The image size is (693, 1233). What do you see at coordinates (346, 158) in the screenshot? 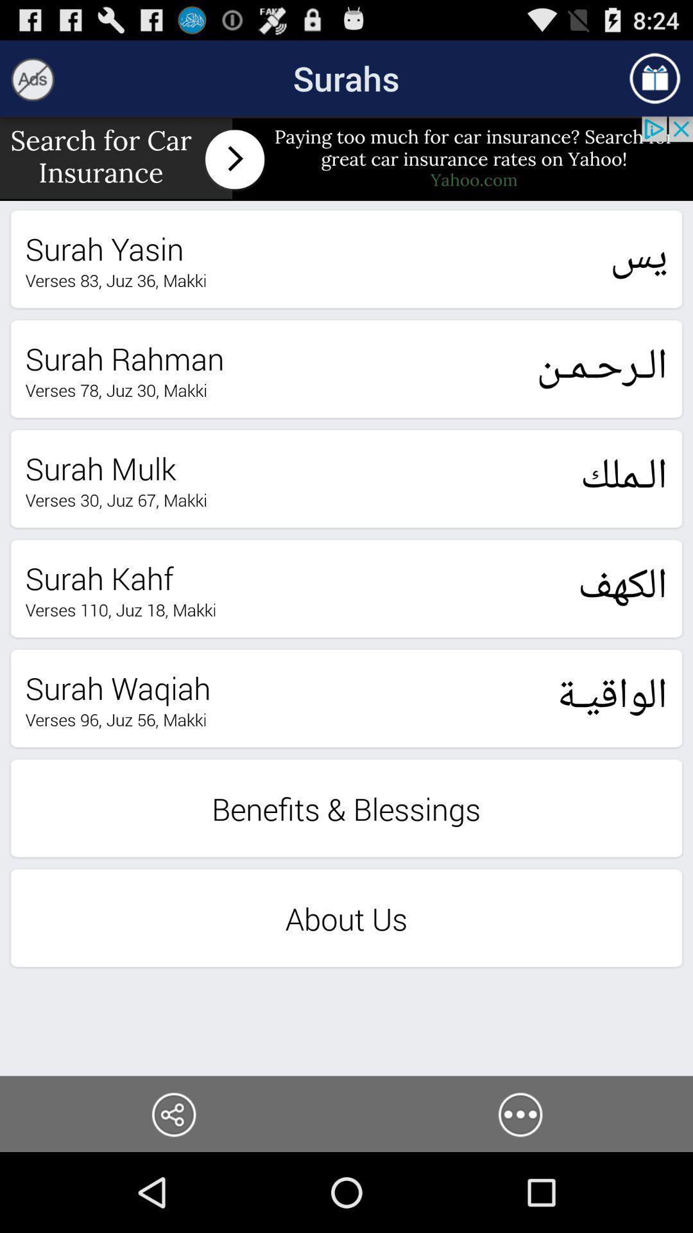
I see `banner` at bounding box center [346, 158].